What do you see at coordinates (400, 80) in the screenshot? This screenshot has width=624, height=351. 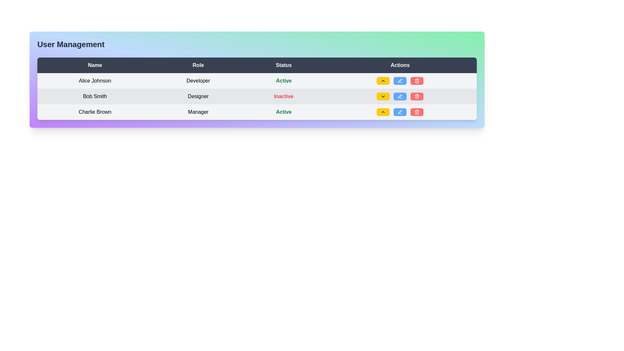 I see `the edit button for user Bob Smith located in the actions column of the second row in the table` at bounding box center [400, 80].